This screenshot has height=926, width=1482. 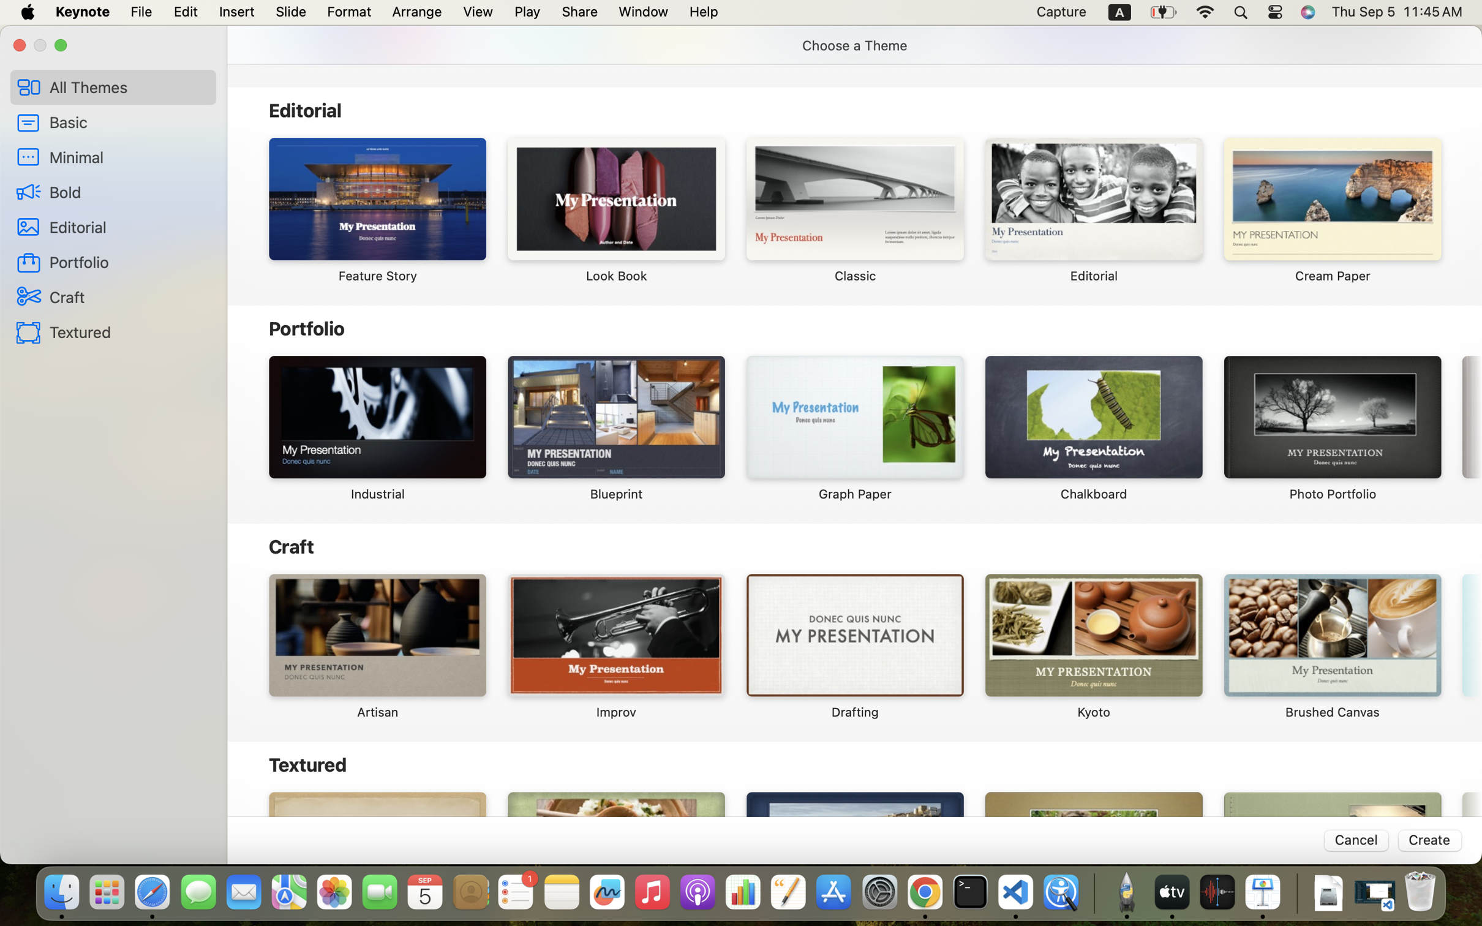 I want to click on 'All Themes', so click(x=127, y=86).